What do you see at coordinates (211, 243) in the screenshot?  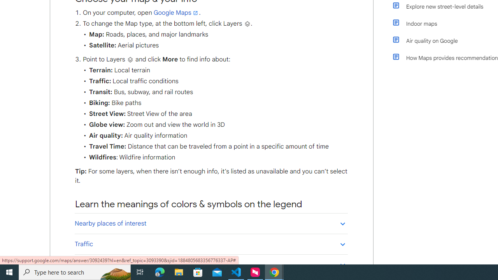 I see `'Traffic'` at bounding box center [211, 243].